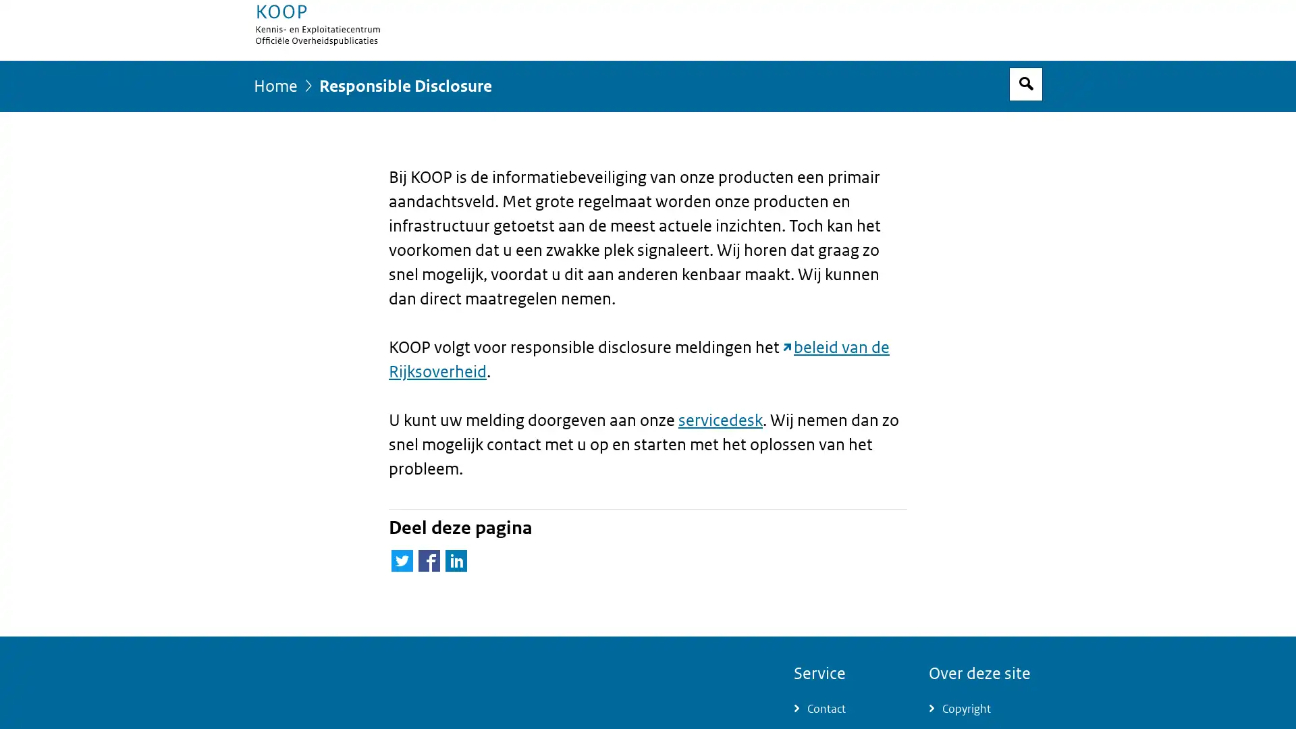 The image size is (1296, 729). Describe the element at coordinates (1026, 84) in the screenshot. I see `Open zoekveld` at that location.